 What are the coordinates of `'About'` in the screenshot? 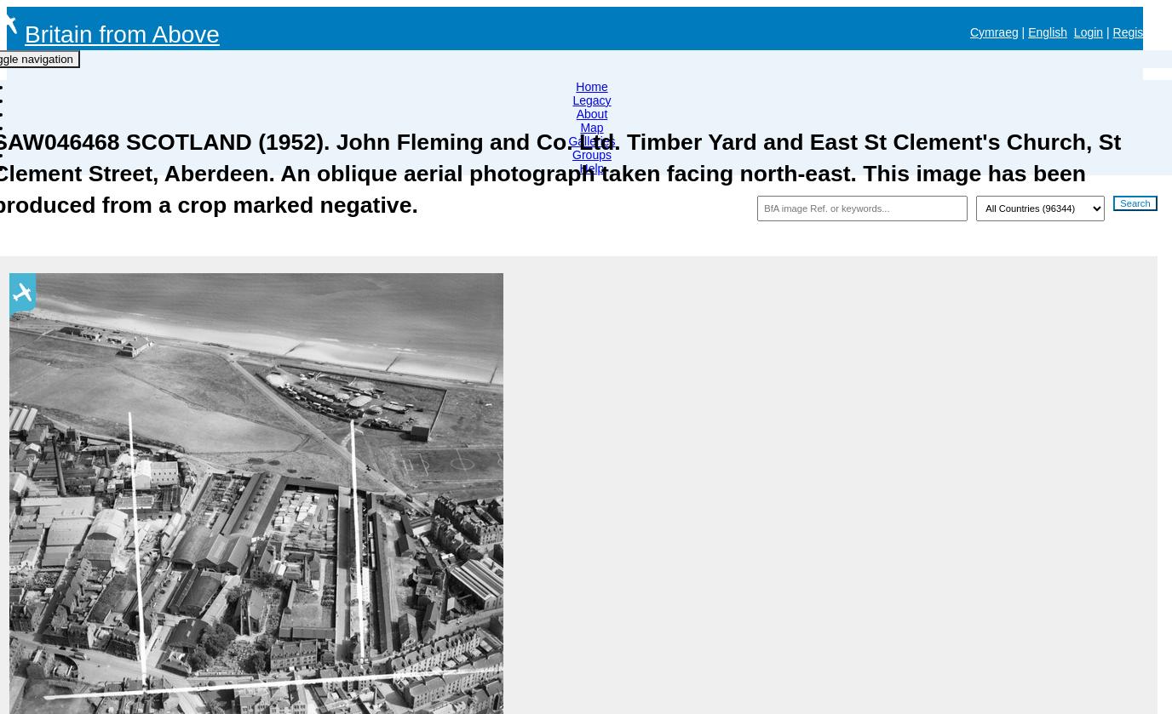 It's located at (590, 113).